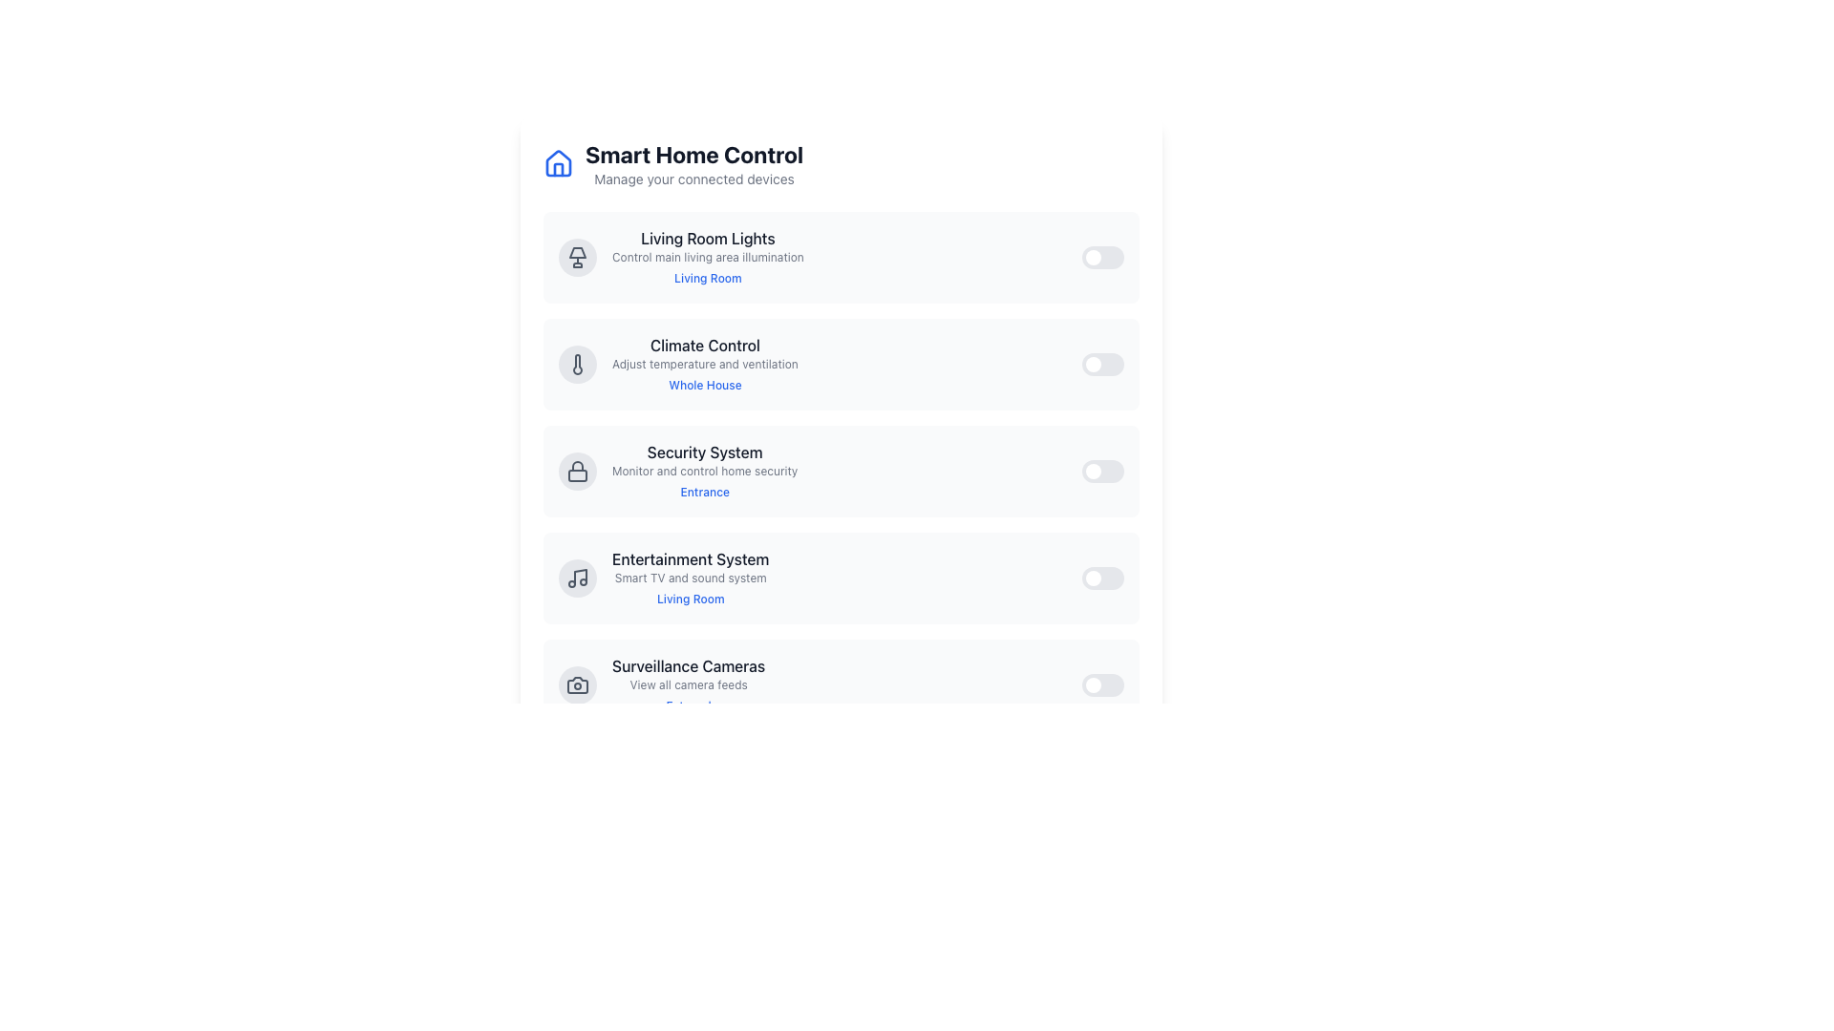  What do you see at coordinates (1103, 684) in the screenshot?
I see `the toggle switch located in the bottom-right area of the 'Surveillance Cameras' section` at bounding box center [1103, 684].